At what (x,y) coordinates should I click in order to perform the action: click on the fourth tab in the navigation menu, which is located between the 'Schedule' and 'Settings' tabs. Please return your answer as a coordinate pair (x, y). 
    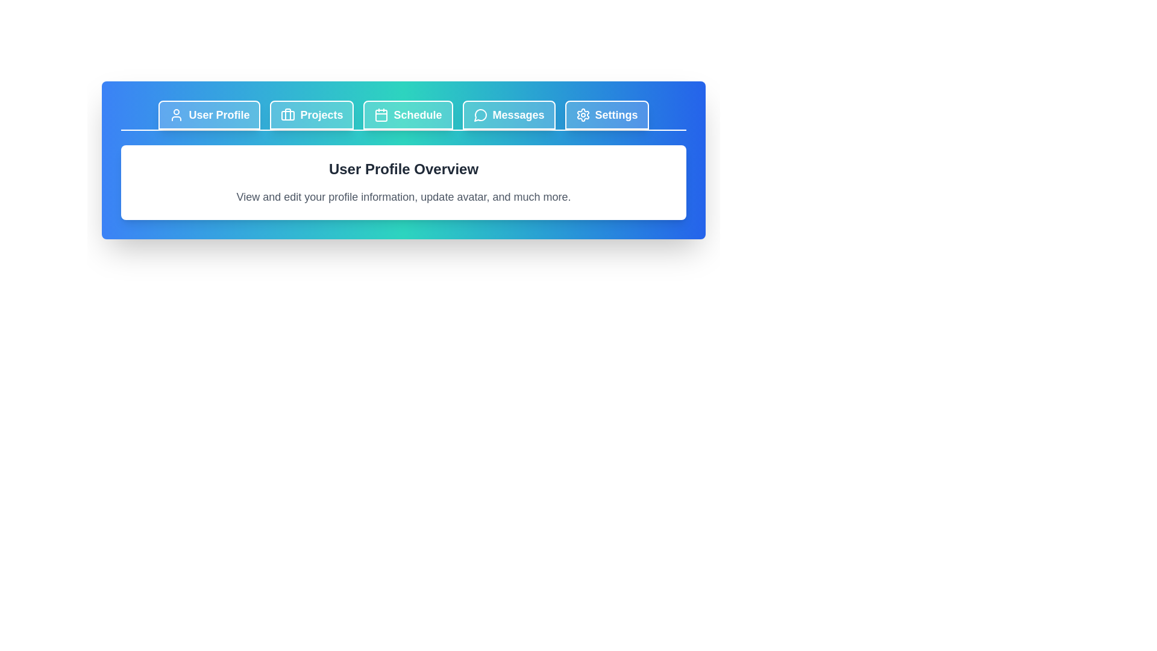
    Looking at the image, I should click on (509, 115).